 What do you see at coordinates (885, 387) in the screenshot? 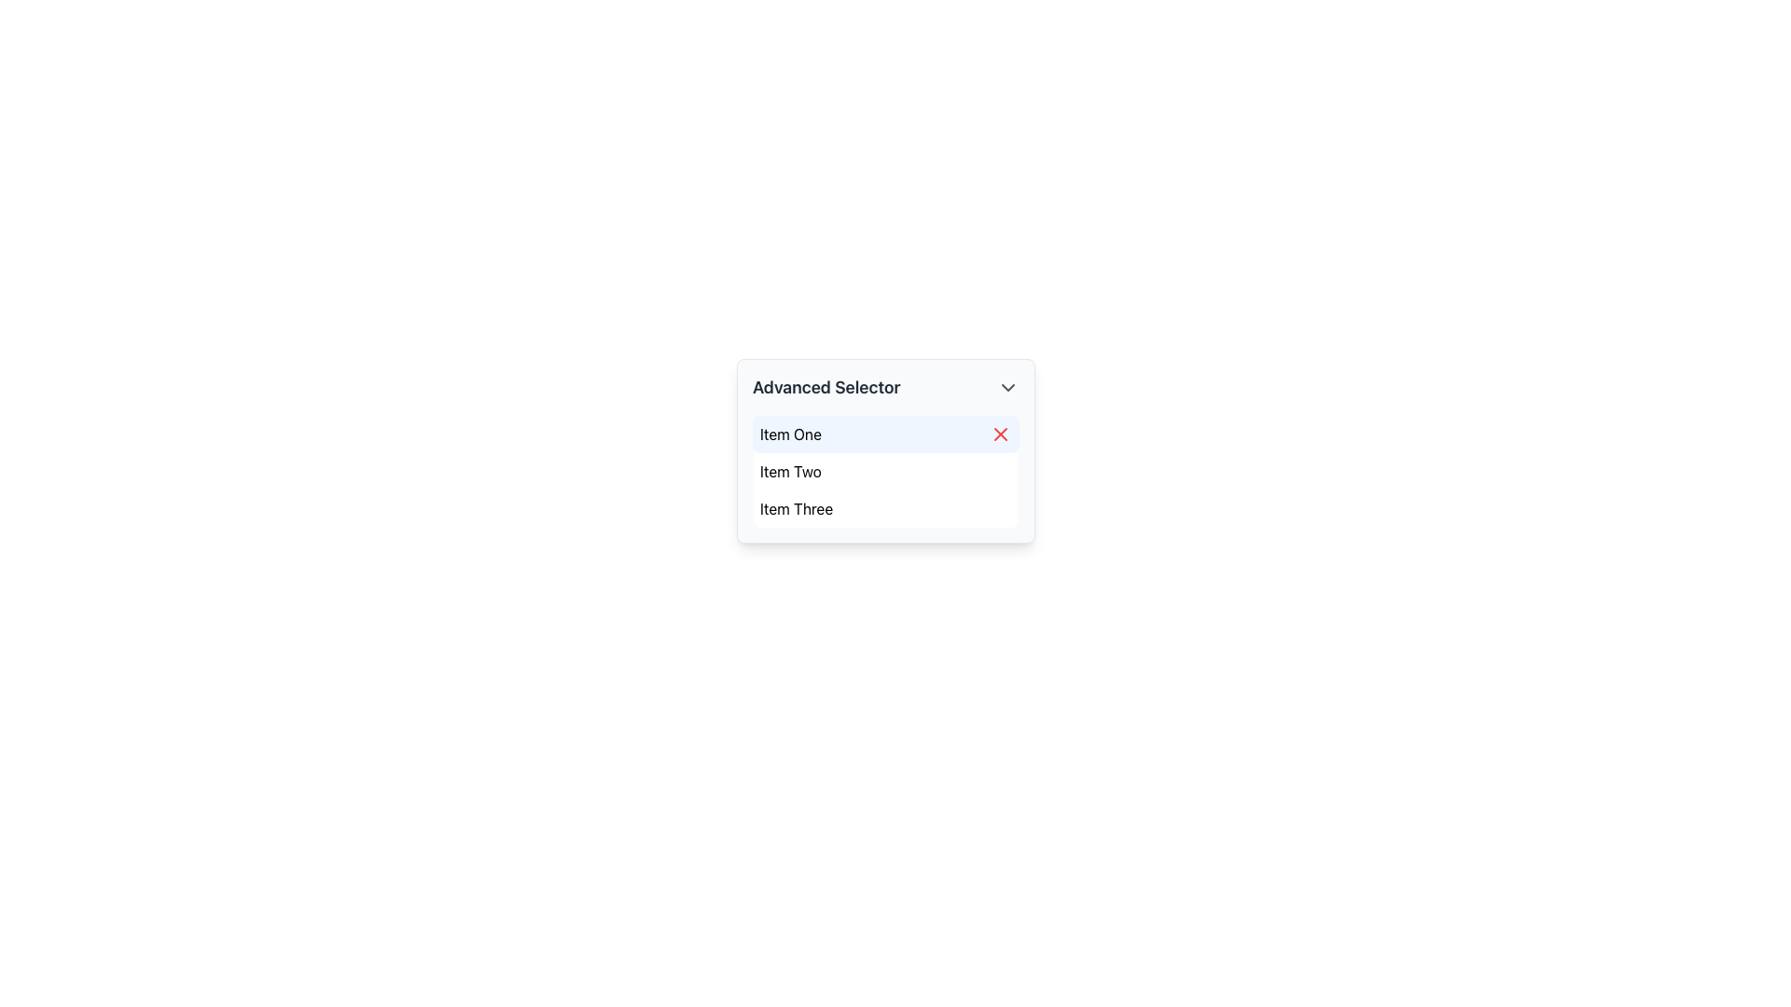
I see `the 'Advanced Selector' dropdown header to interact with it` at bounding box center [885, 387].